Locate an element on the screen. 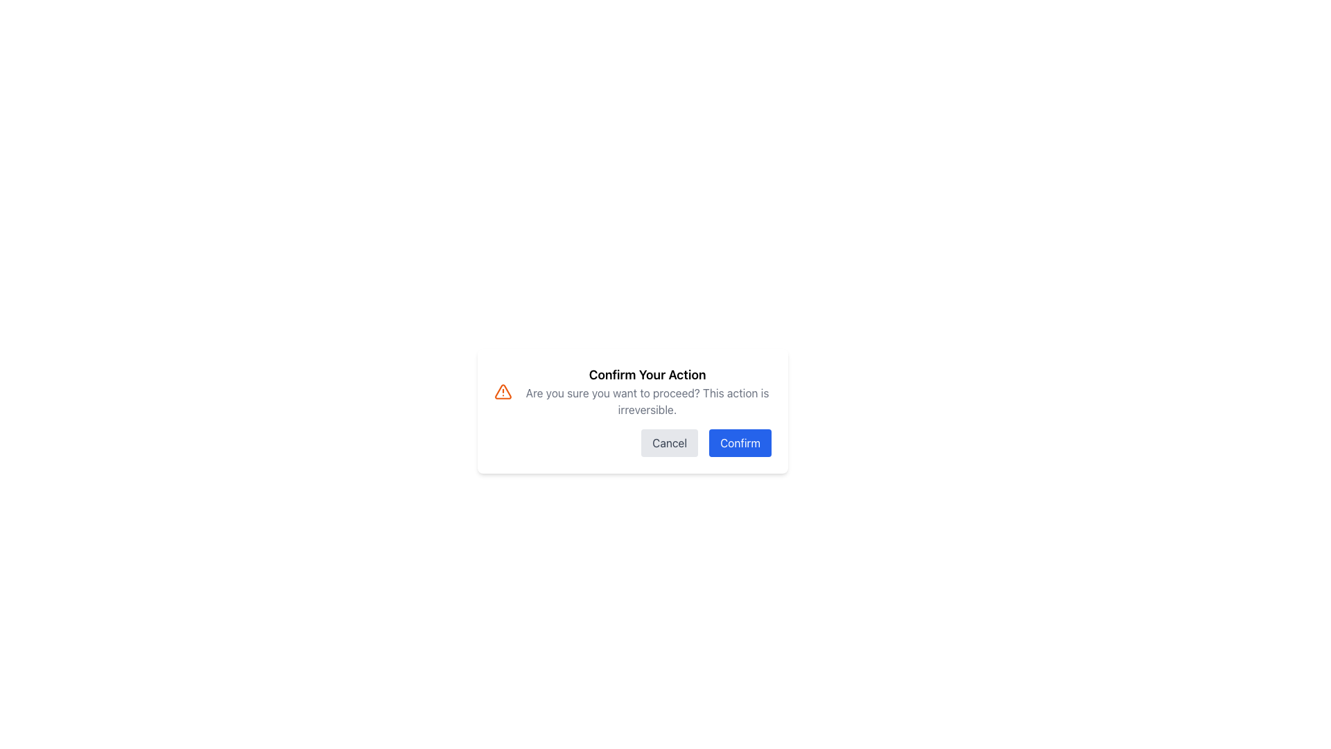  the 'Confirm' button located at the bottom-right corner of the dialog box to confirm the action is located at coordinates (740, 443).